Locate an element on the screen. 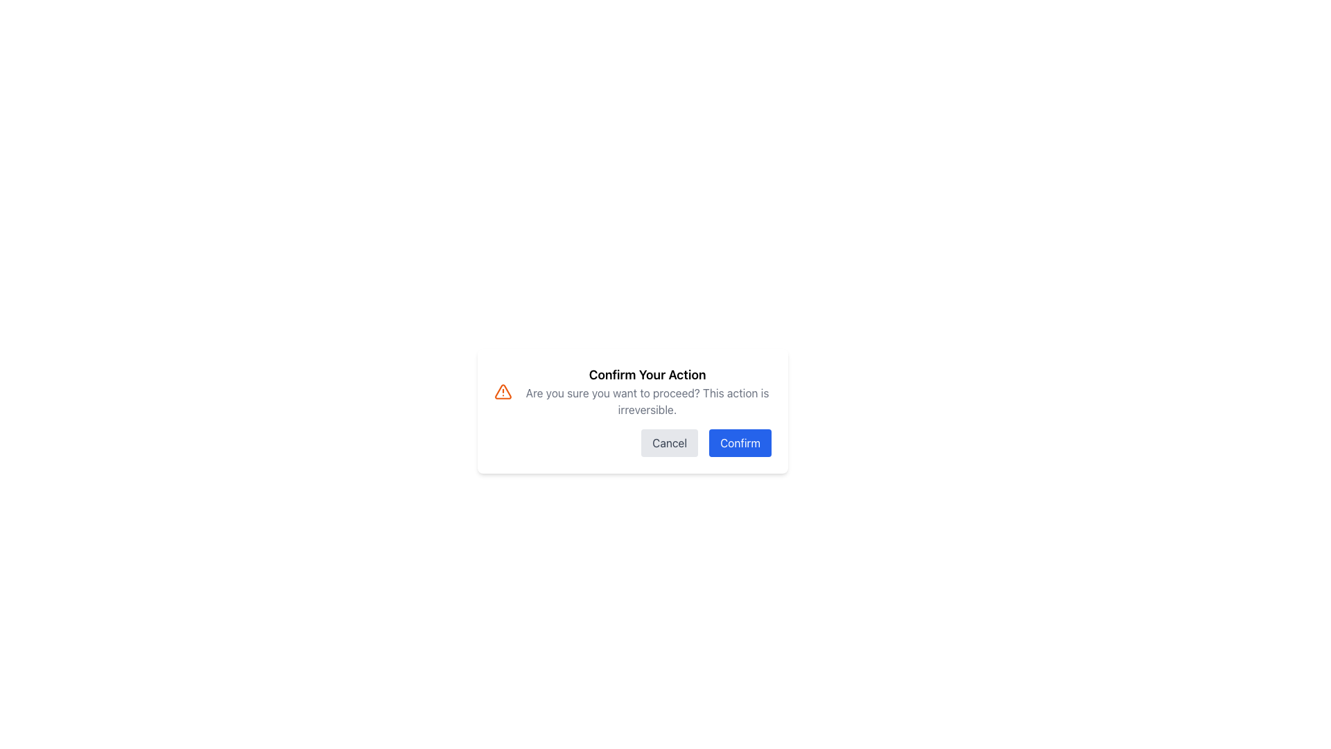  the 'Confirm' button located at the bottom-right corner of the dialog box to confirm the action is located at coordinates (740, 443).